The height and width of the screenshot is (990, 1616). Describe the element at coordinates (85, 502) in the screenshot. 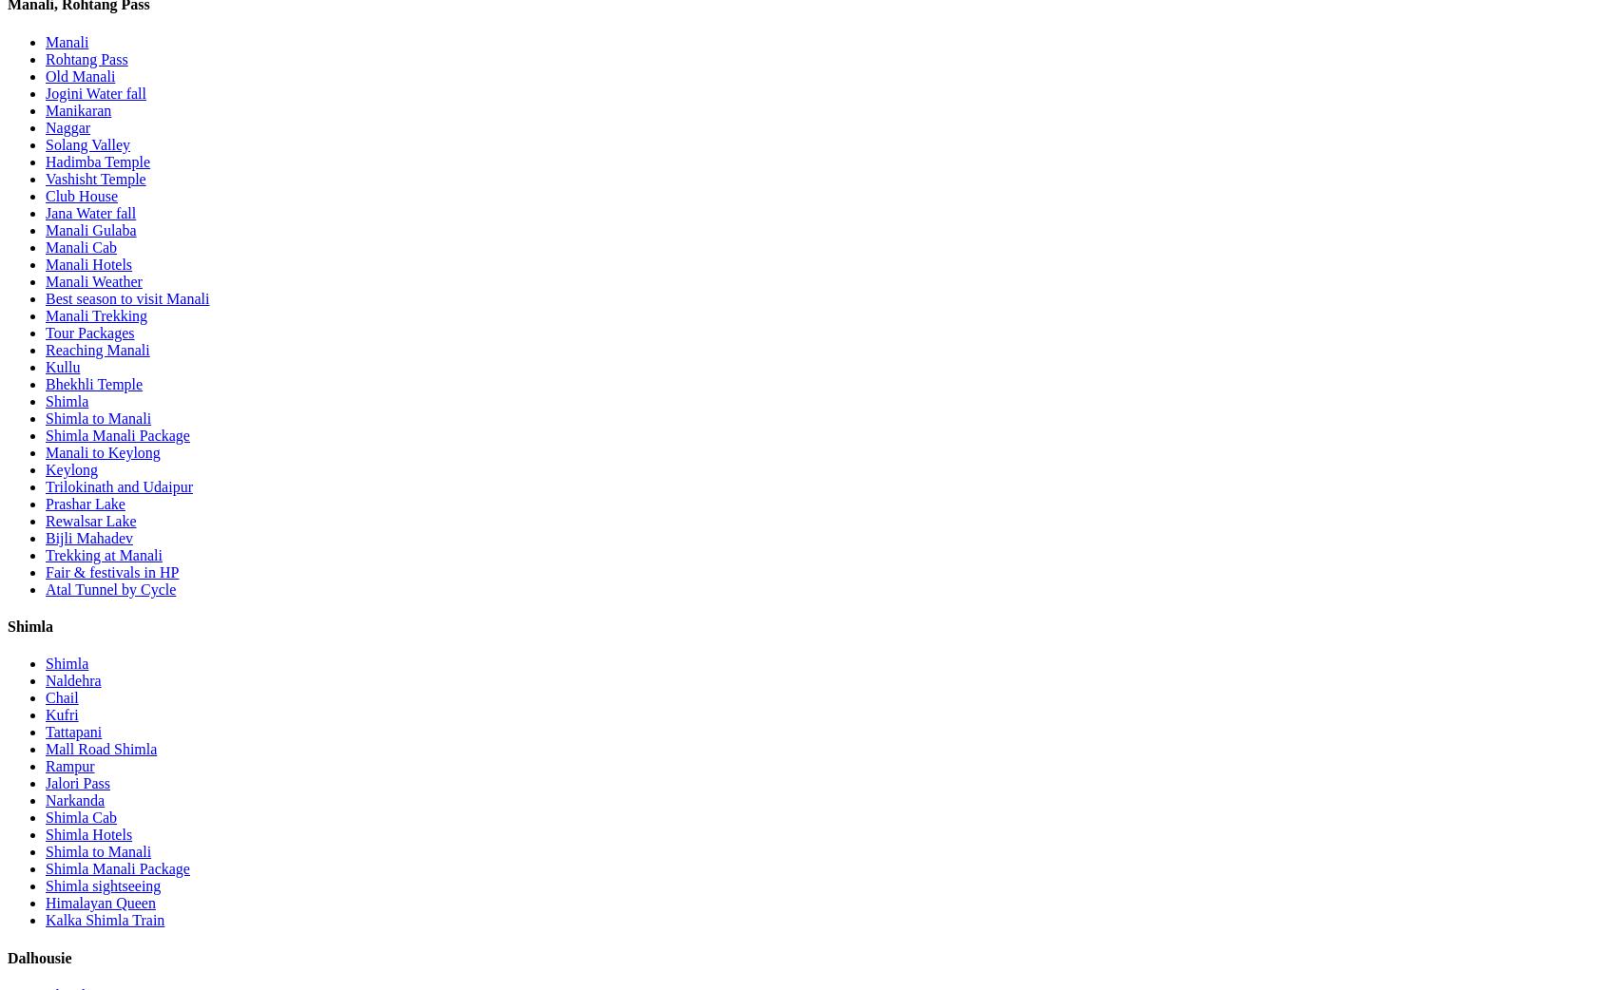

I see `'Prashar Lake'` at that location.